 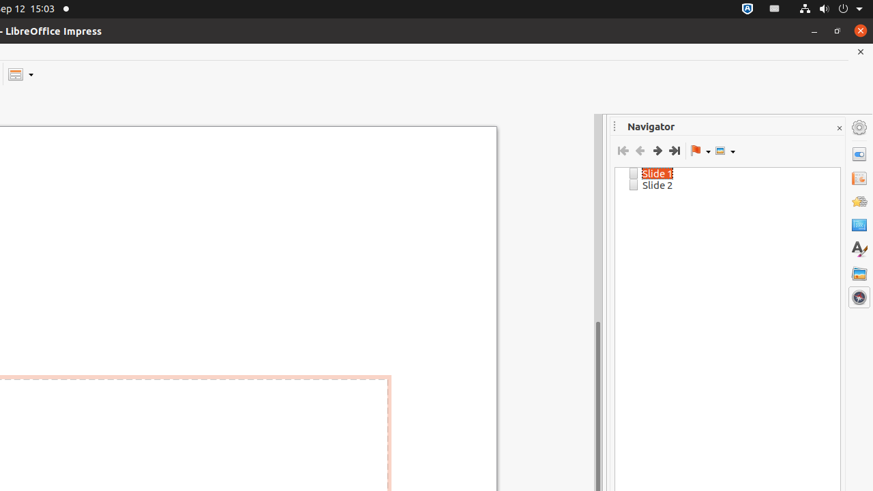 I want to click on 'Close Sidebar Deck', so click(x=838, y=128).